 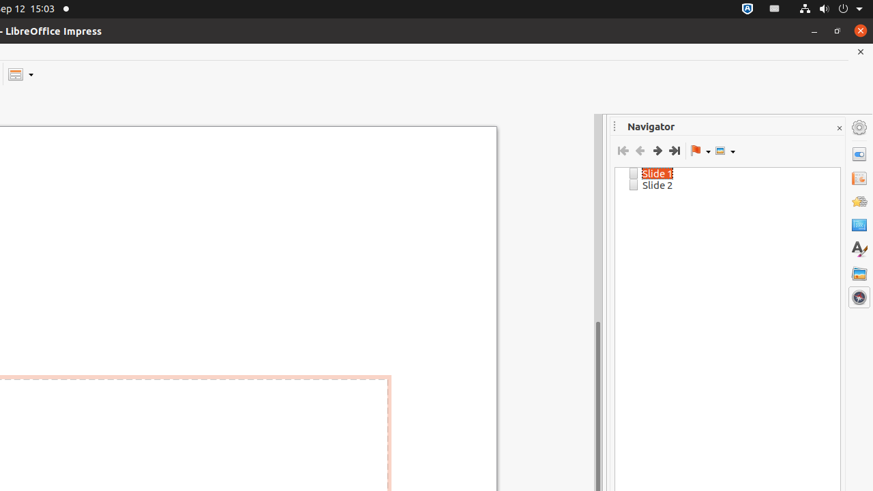 I want to click on 'Close Sidebar Deck', so click(x=838, y=128).